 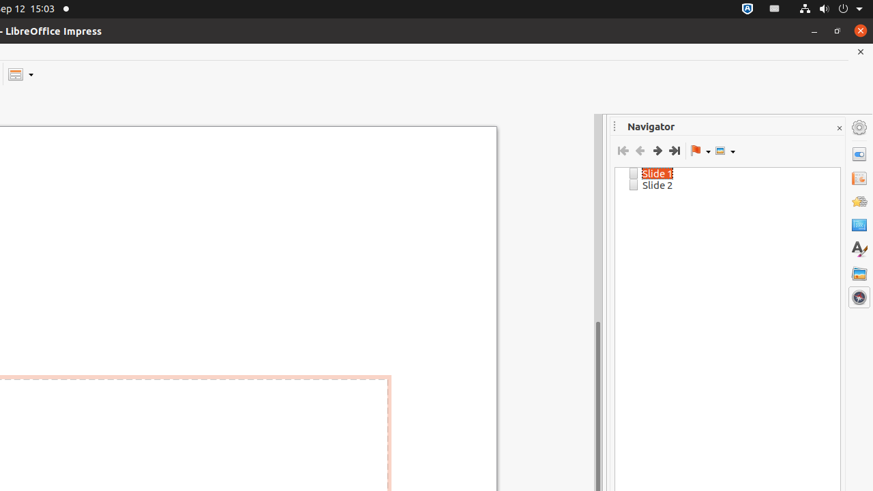 I want to click on 'Close Sidebar Deck', so click(x=838, y=128).